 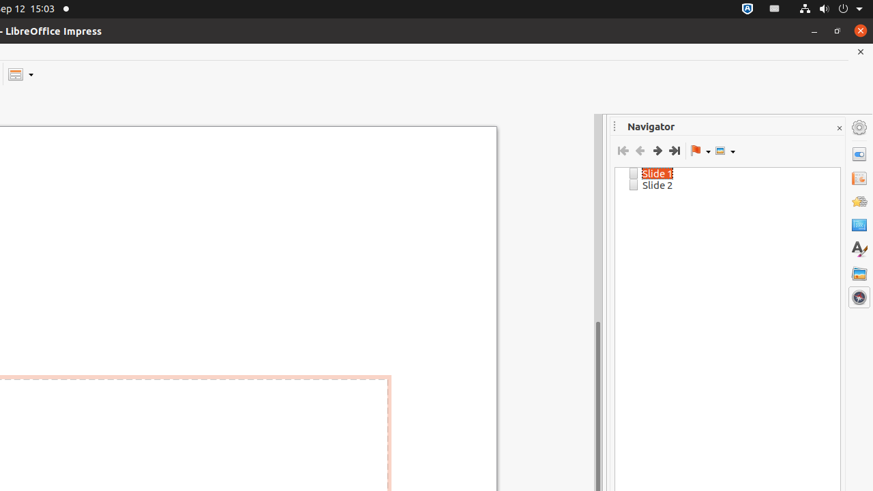 I want to click on 'Close Sidebar Deck', so click(x=838, y=128).